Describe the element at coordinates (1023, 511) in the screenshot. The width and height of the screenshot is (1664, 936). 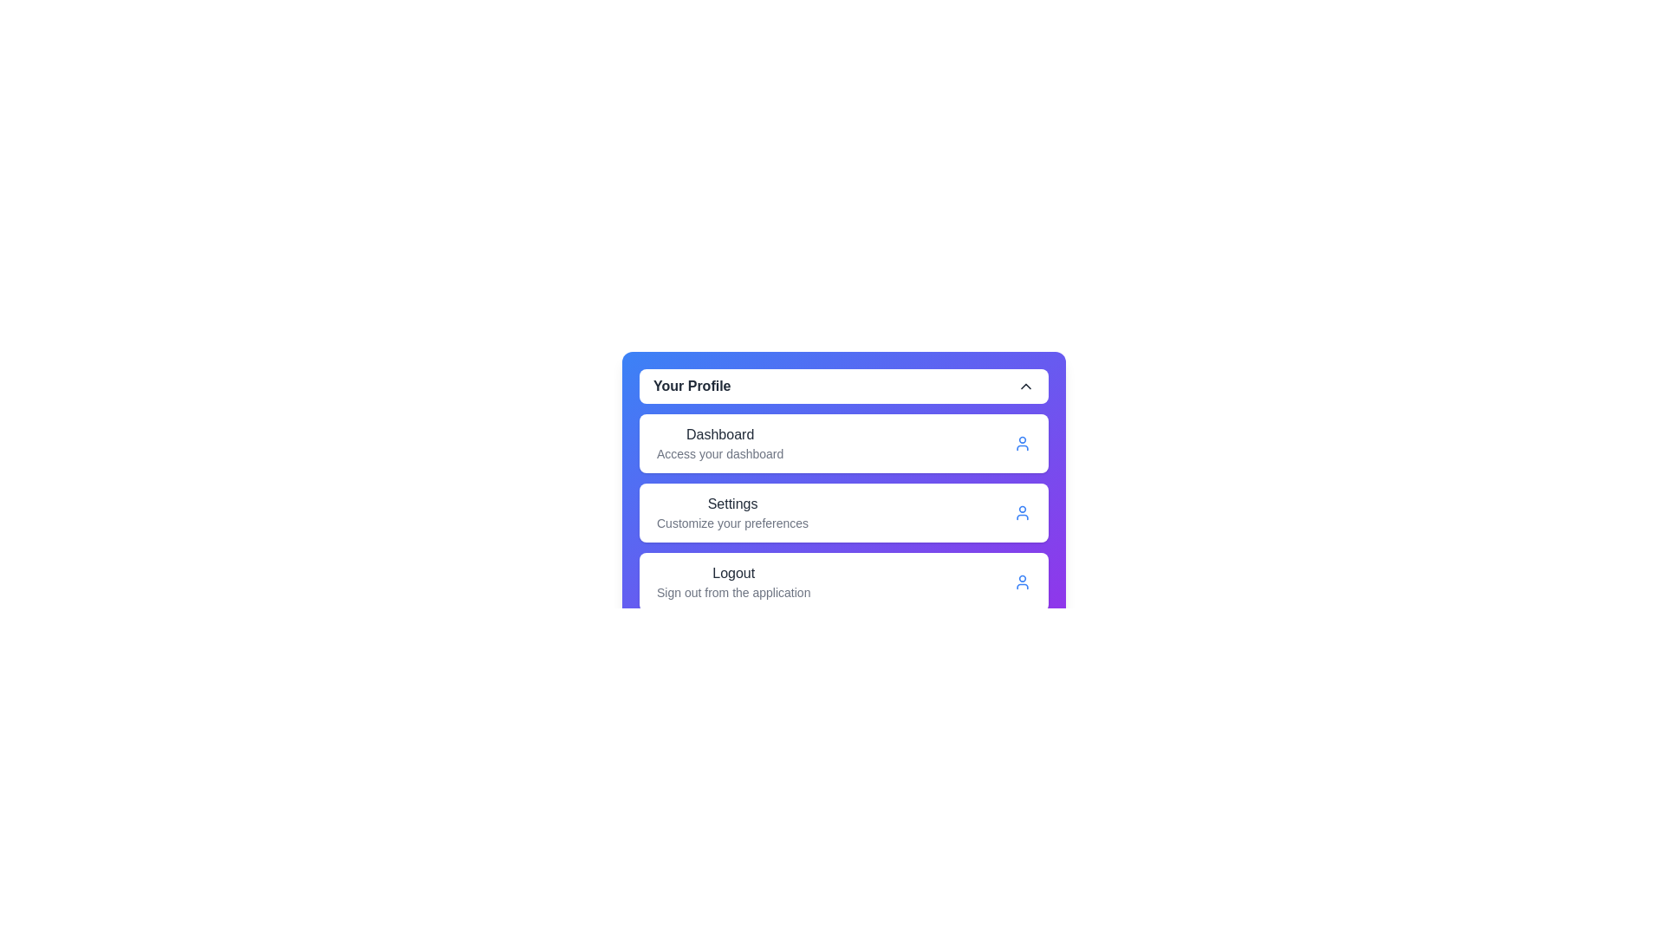
I see `the icon of the Settings menu item` at that location.